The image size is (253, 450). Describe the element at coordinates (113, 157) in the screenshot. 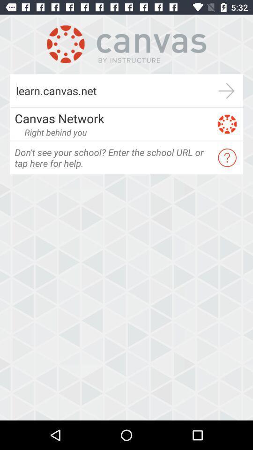

I see `app below right behind you app` at that location.